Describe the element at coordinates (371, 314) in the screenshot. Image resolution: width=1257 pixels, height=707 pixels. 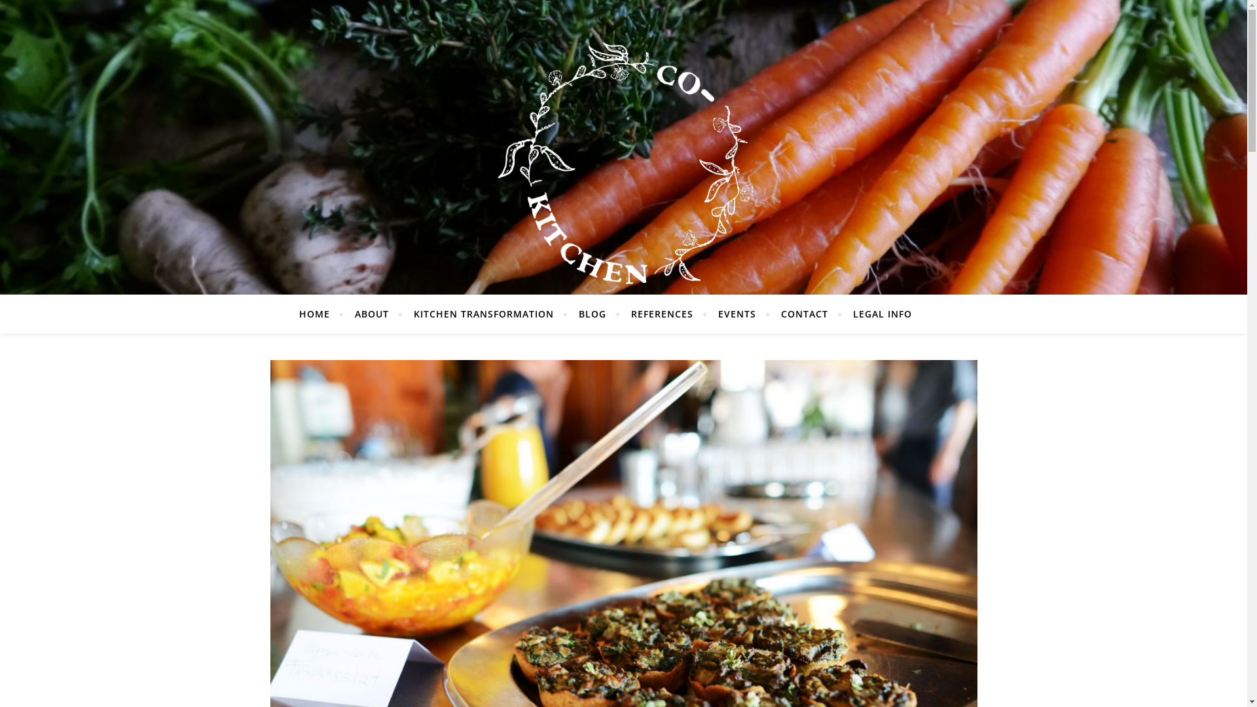
I see `'ABOUT'` at that location.